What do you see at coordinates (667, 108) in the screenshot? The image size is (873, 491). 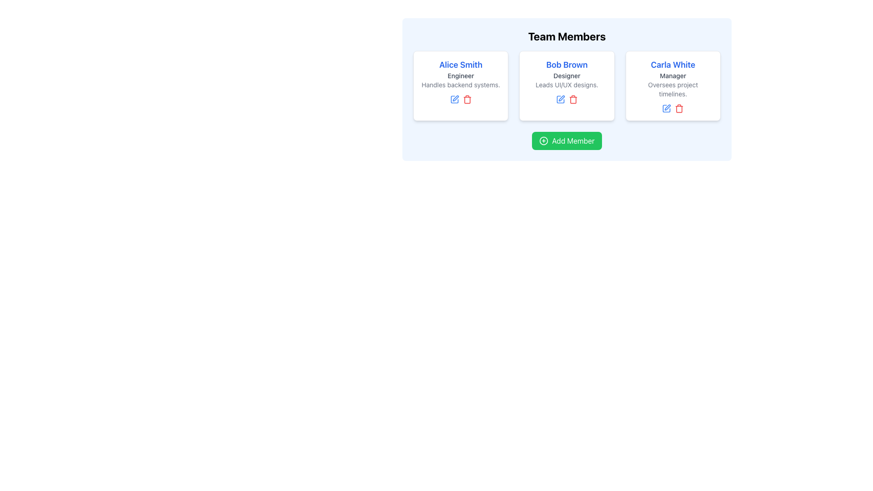 I see `the small blue edit icon located in the lower-left corner under the user profile card labeled 'Carla White' in the 'Team Members' section` at bounding box center [667, 108].